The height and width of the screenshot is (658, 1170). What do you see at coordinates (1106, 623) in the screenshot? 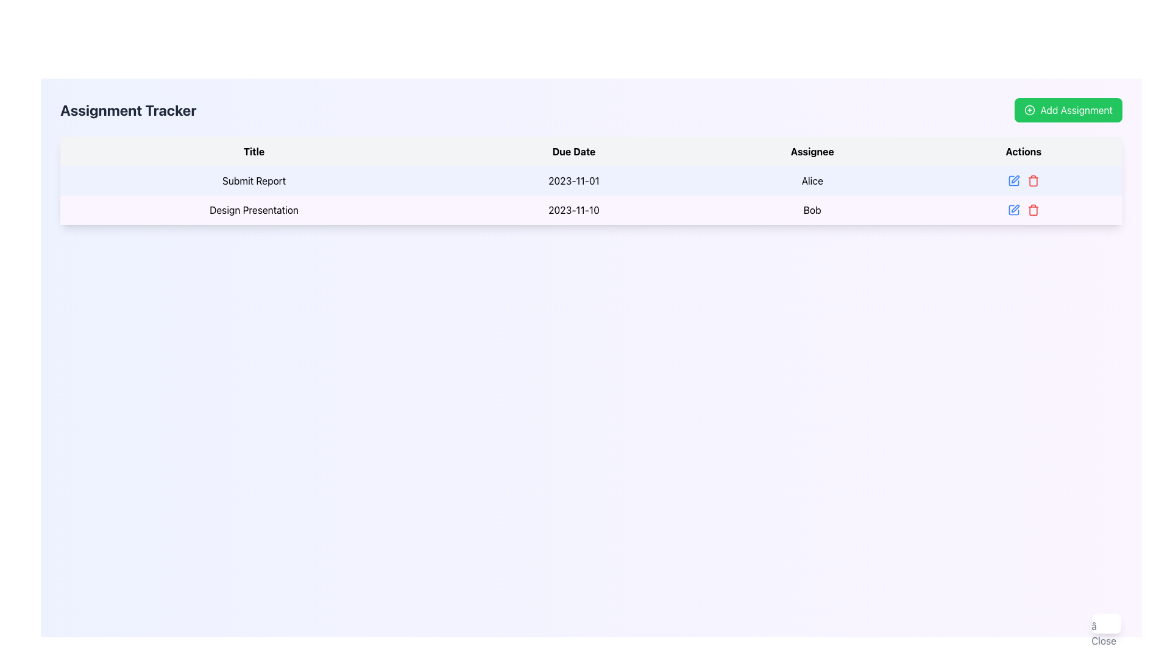
I see `the white rectangular button with rounded corners labeled '✕ Close' located at the bottom right corner of the interface` at bounding box center [1106, 623].